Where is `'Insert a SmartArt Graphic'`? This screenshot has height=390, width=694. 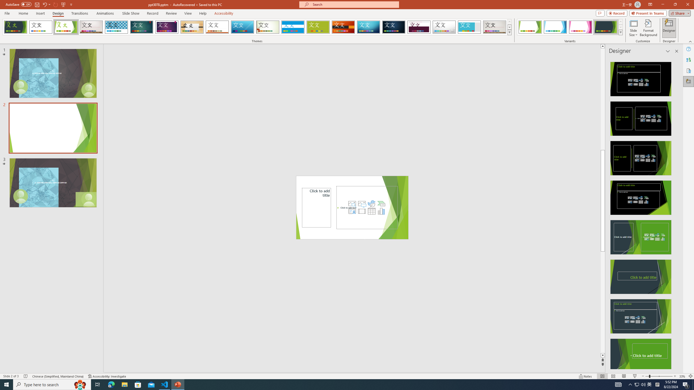
'Insert a SmartArt Graphic' is located at coordinates (381, 203).